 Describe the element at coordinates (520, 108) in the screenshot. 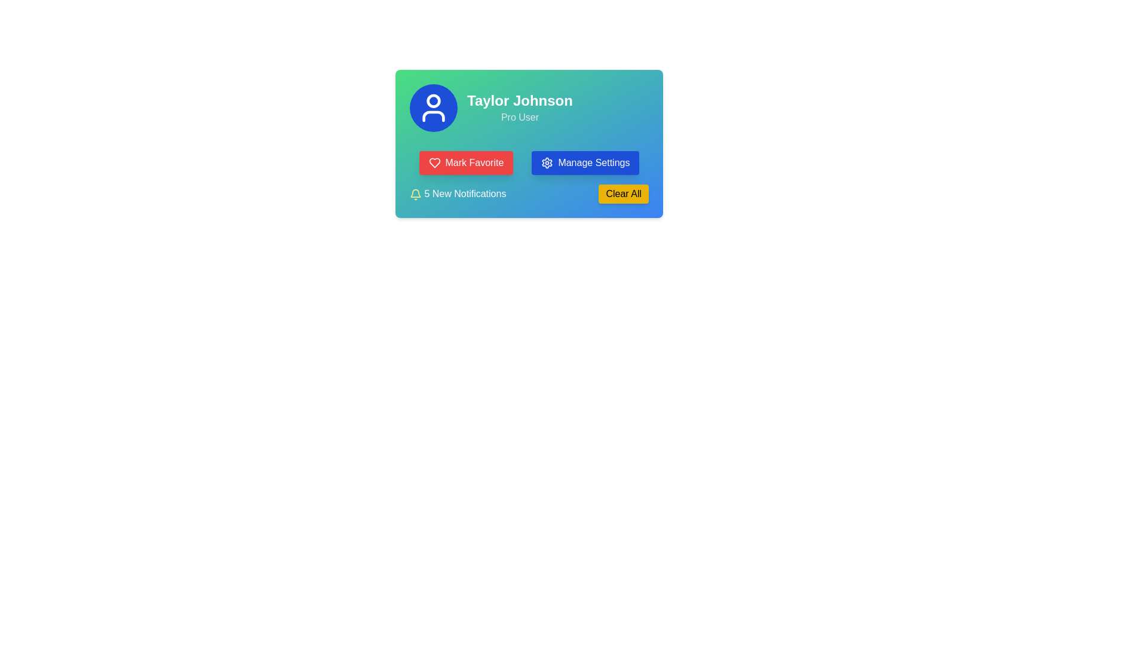

I see `the text display showing 'Taylor Johnson' and 'Pro User' located at the top-right of the interface, adjacent to a profile icon` at that location.